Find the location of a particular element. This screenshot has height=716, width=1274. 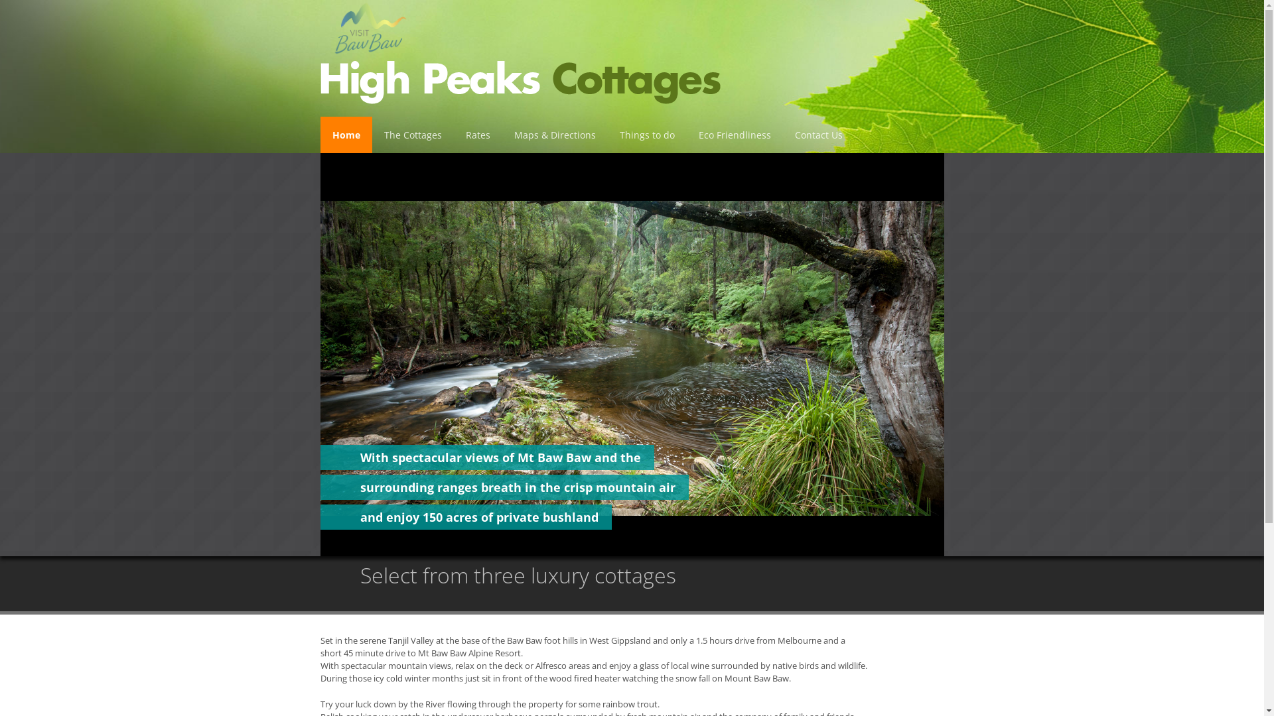

'Things to do' is located at coordinates (647, 135).